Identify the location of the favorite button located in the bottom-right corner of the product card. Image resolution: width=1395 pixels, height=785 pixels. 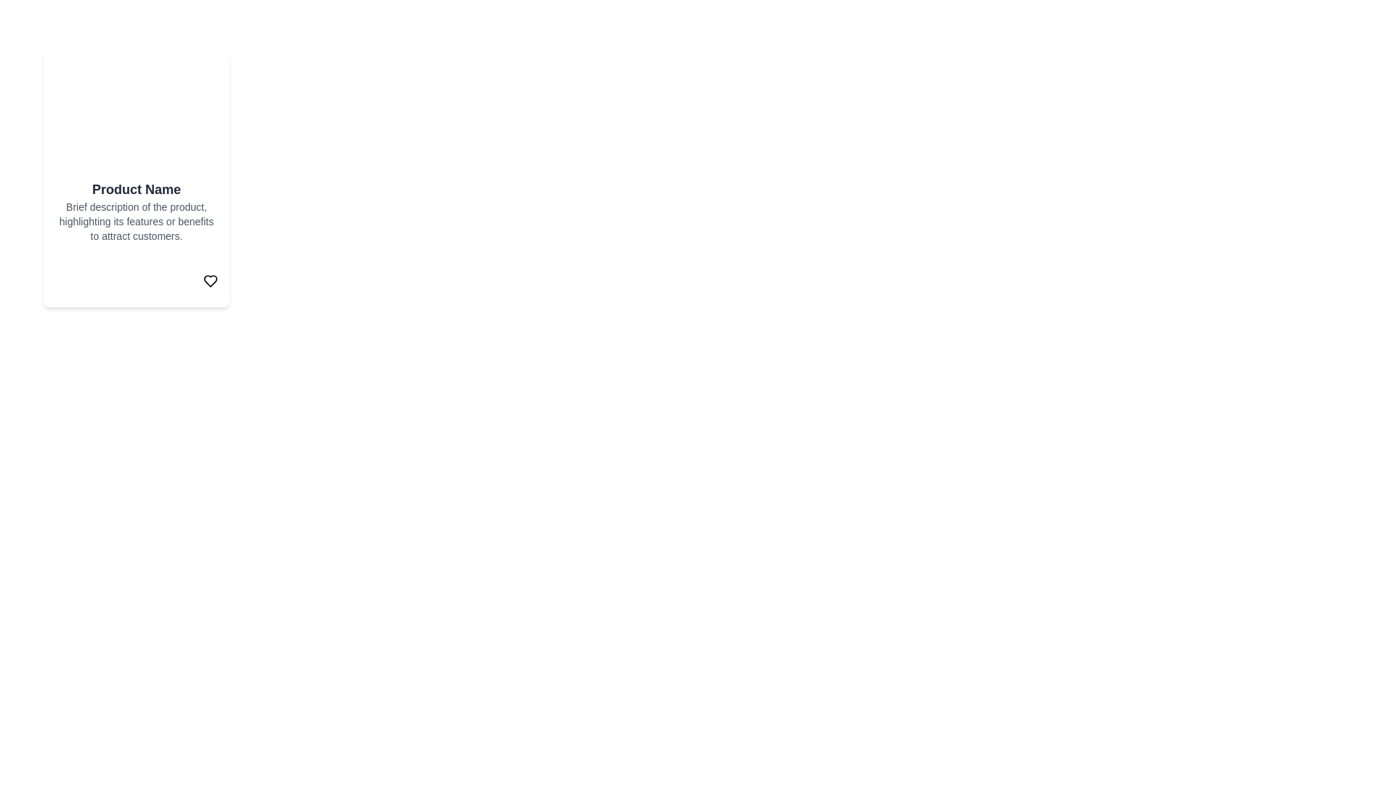
(209, 281).